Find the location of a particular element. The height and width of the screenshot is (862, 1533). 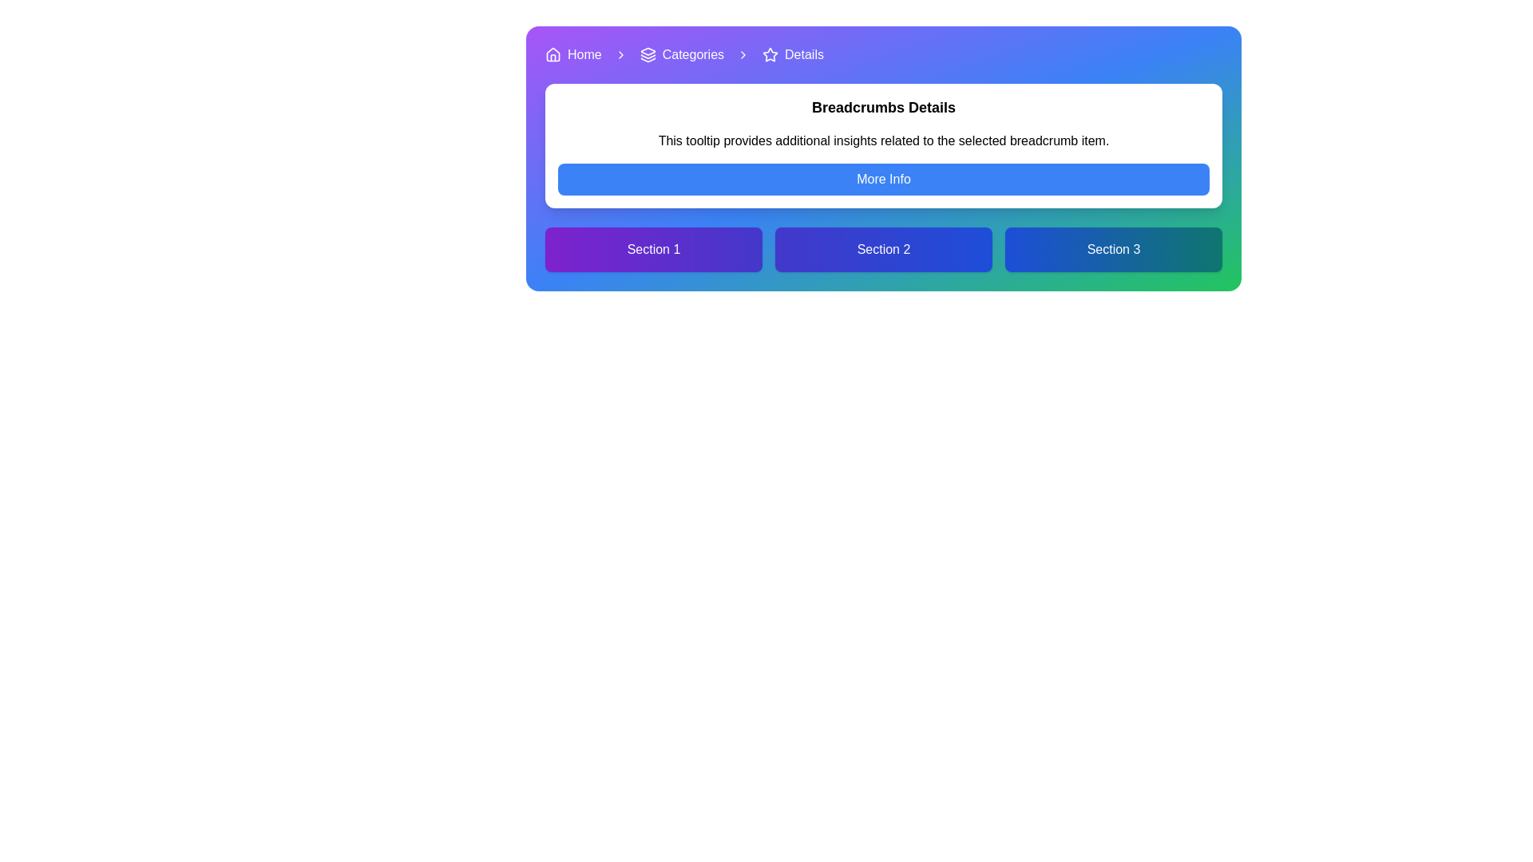

the visual icon in the breadcrumb navigation bar that indicates the 'Details' section is located at coordinates (770, 53).